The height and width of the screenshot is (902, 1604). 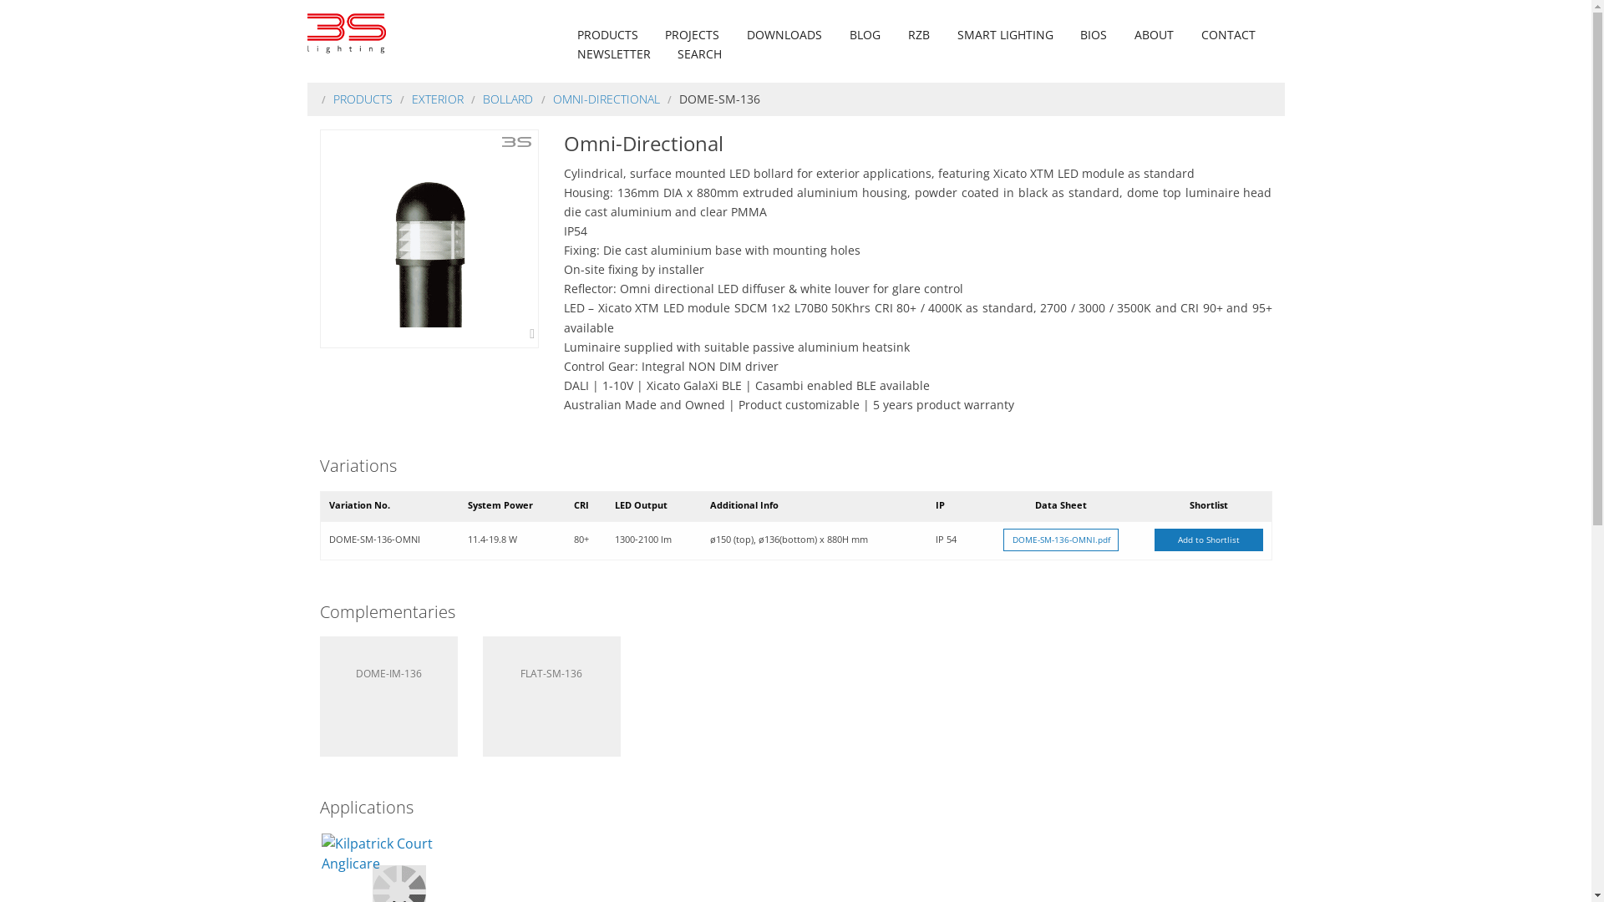 I want to click on 'DOME-IM-136', so click(x=387, y=696).